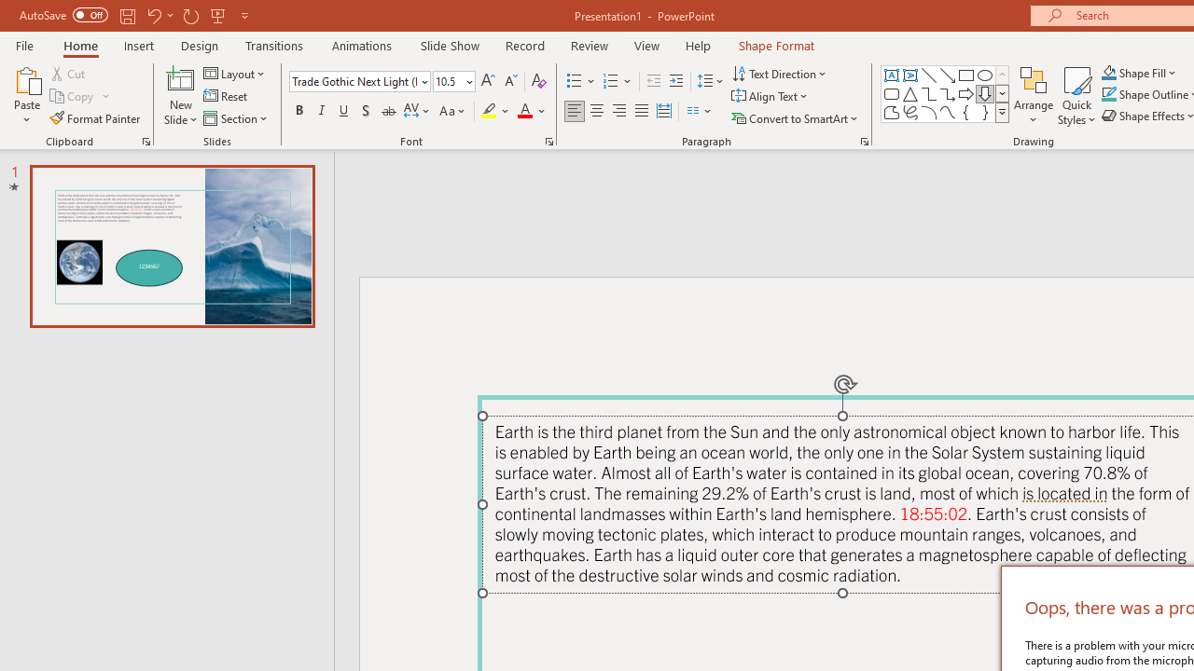 The image size is (1194, 671). What do you see at coordinates (138, 45) in the screenshot?
I see `'Insert'` at bounding box center [138, 45].